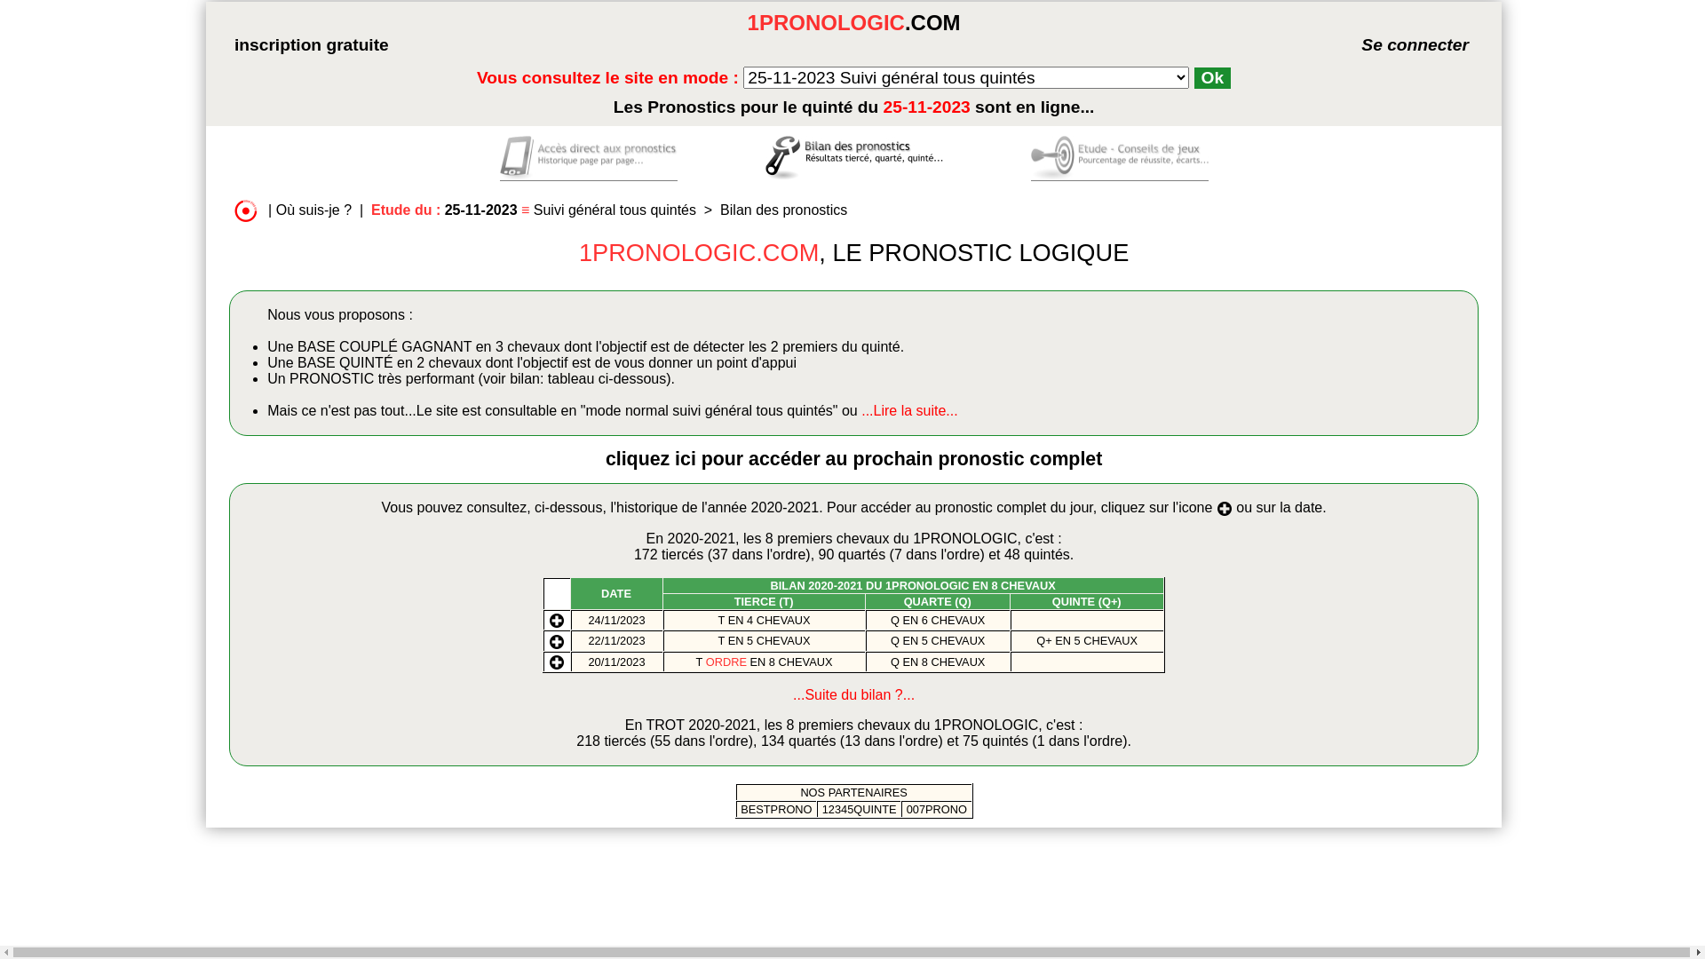 This screenshot has width=1705, height=959. What do you see at coordinates (909, 410) in the screenshot?
I see `'...Lire la suite...'` at bounding box center [909, 410].